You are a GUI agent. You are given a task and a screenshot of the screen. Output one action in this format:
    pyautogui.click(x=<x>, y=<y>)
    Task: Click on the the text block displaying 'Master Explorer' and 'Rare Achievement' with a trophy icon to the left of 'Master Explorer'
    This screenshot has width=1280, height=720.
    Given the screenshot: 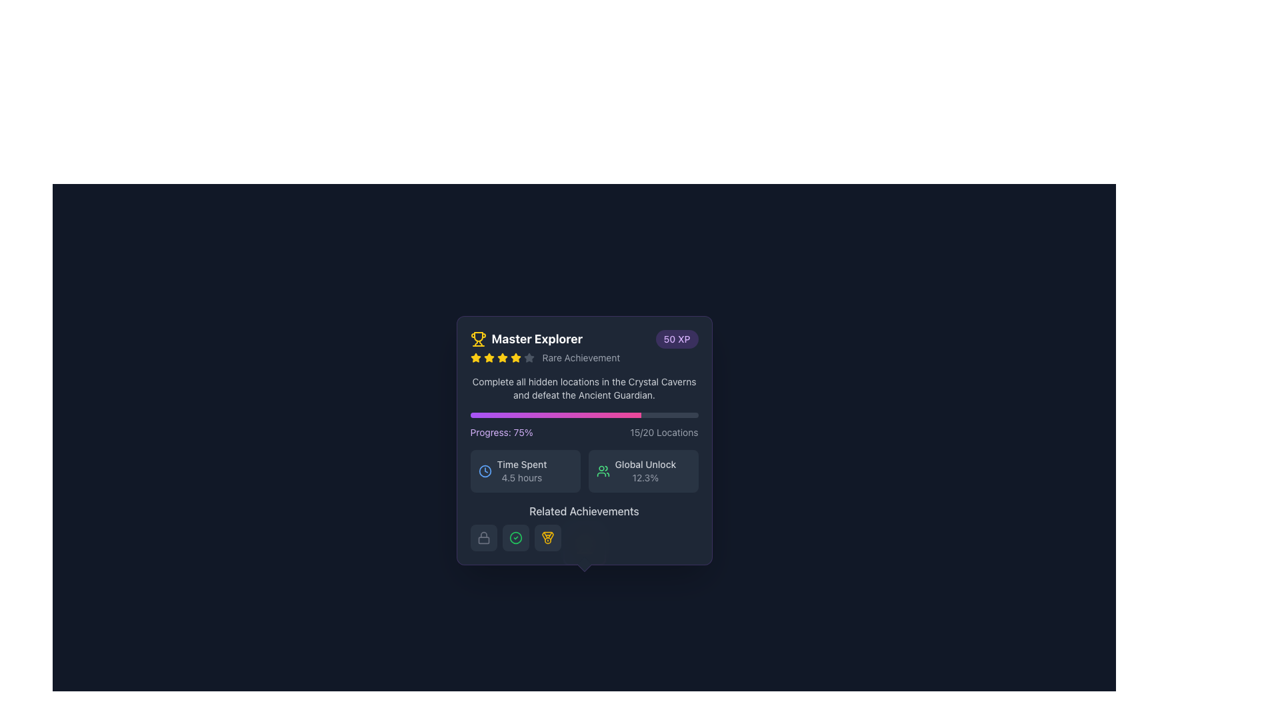 What is the action you would take?
    pyautogui.click(x=545, y=346)
    